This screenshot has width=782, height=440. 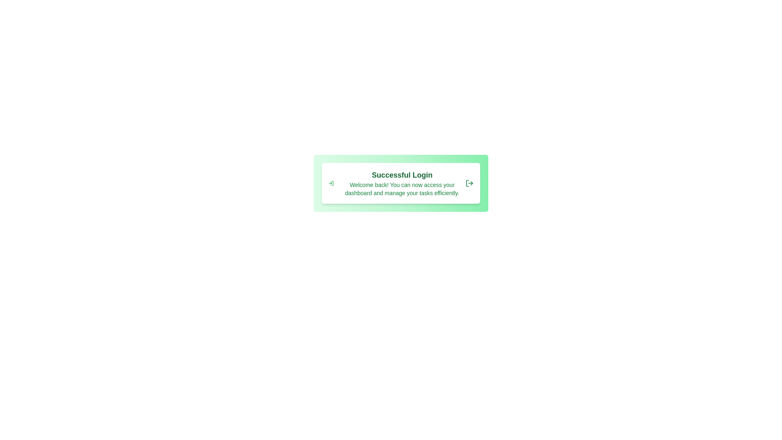 I want to click on the login icon to perform the corresponding action, so click(x=330, y=183).